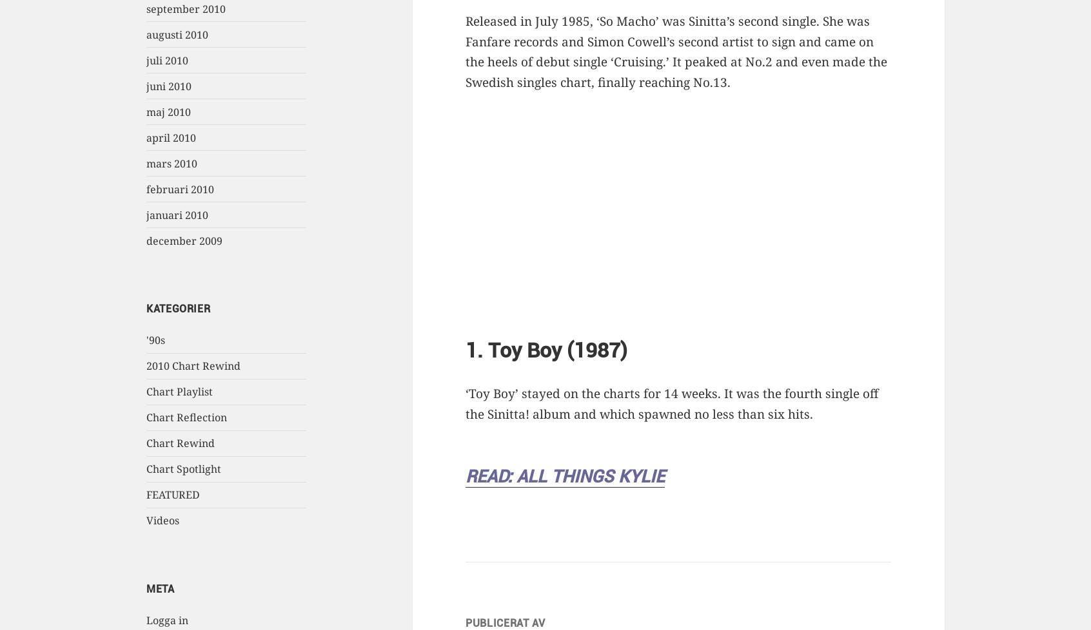  Describe the element at coordinates (168, 86) in the screenshot. I see `'juni 2010'` at that location.